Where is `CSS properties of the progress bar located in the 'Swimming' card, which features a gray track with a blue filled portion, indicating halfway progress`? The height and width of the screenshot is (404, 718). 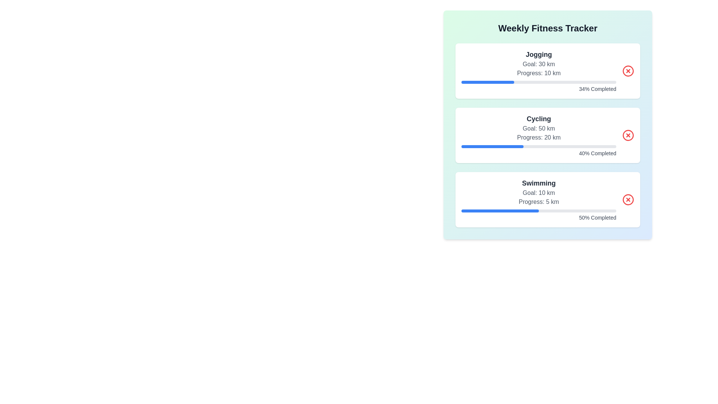
CSS properties of the progress bar located in the 'Swimming' card, which features a gray track with a blue filled portion, indicating halfway progress is located at coordinates (538, 211).